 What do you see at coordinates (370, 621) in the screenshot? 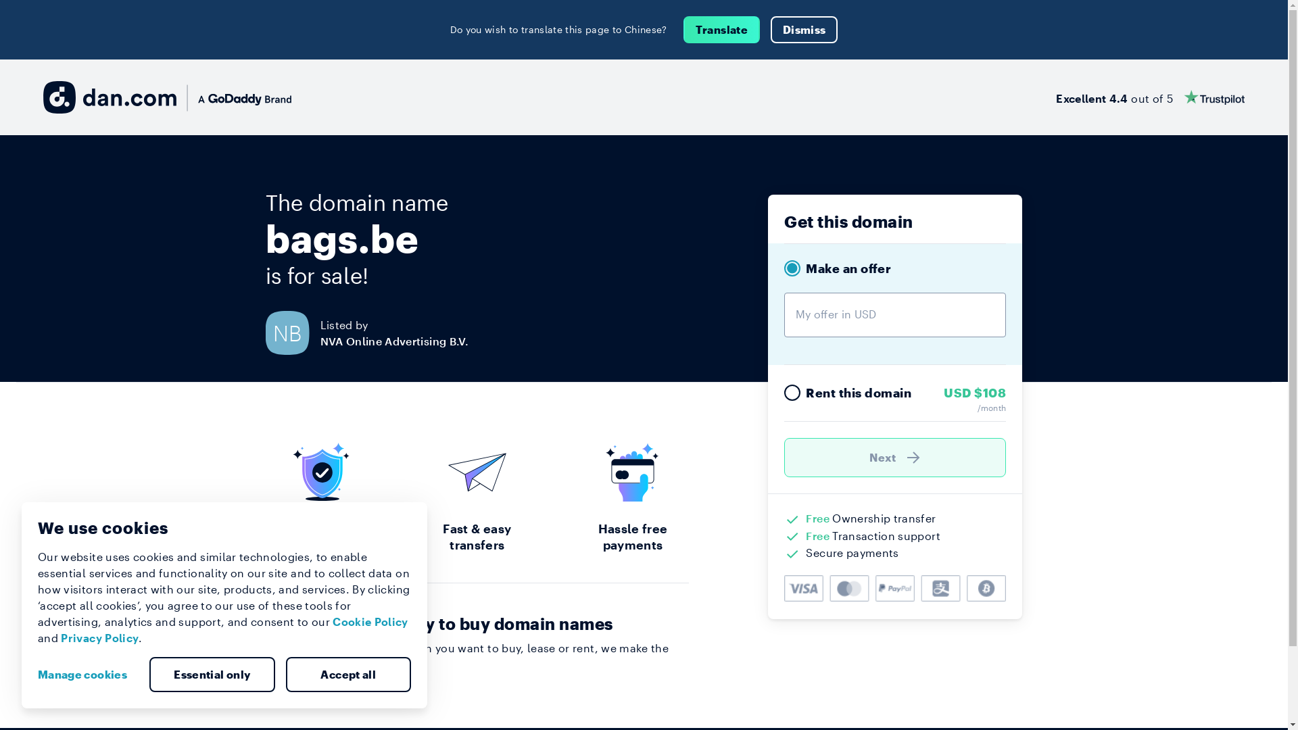
I see `'Cookie Policy'` at bounding box center [370, 621].